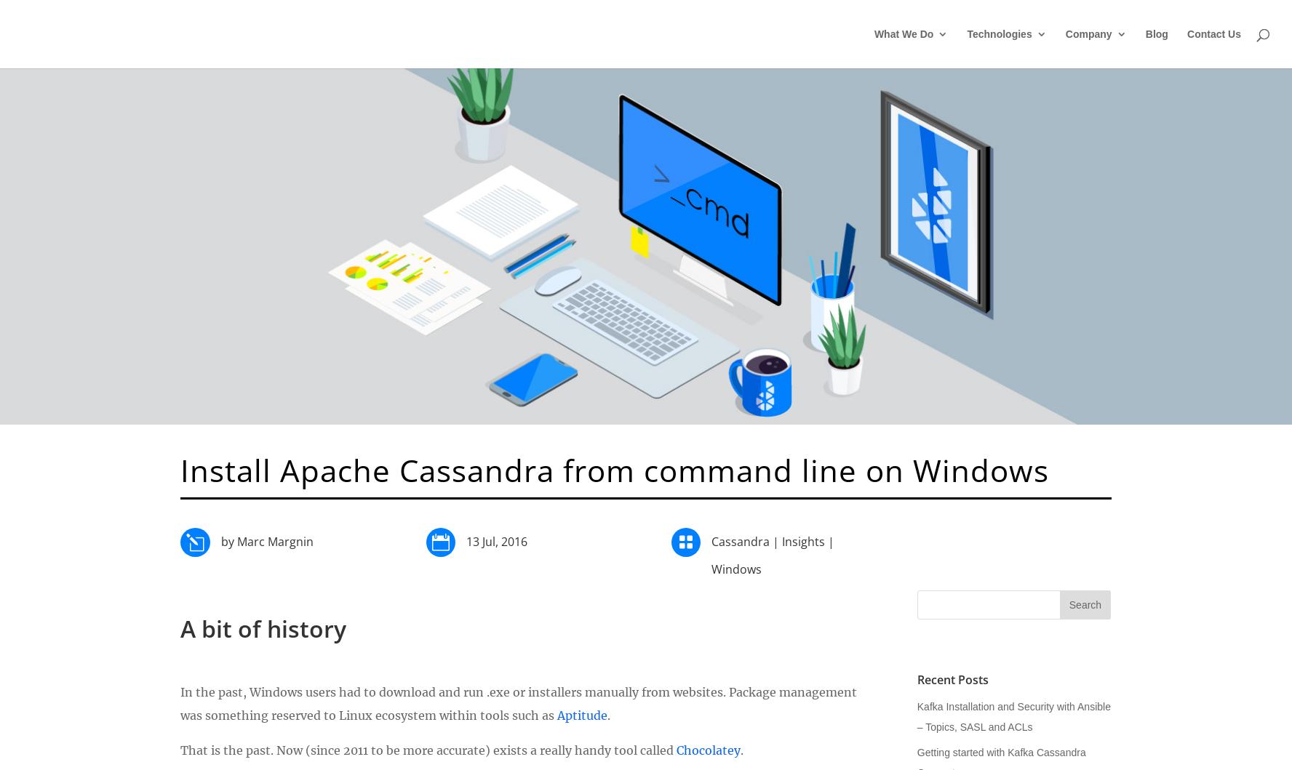  What do you see at coordinates (615, 469) in the screenshot?
I see `'Install Apache Cassandra from command line on Windows'` at bounding box center [615, 469].